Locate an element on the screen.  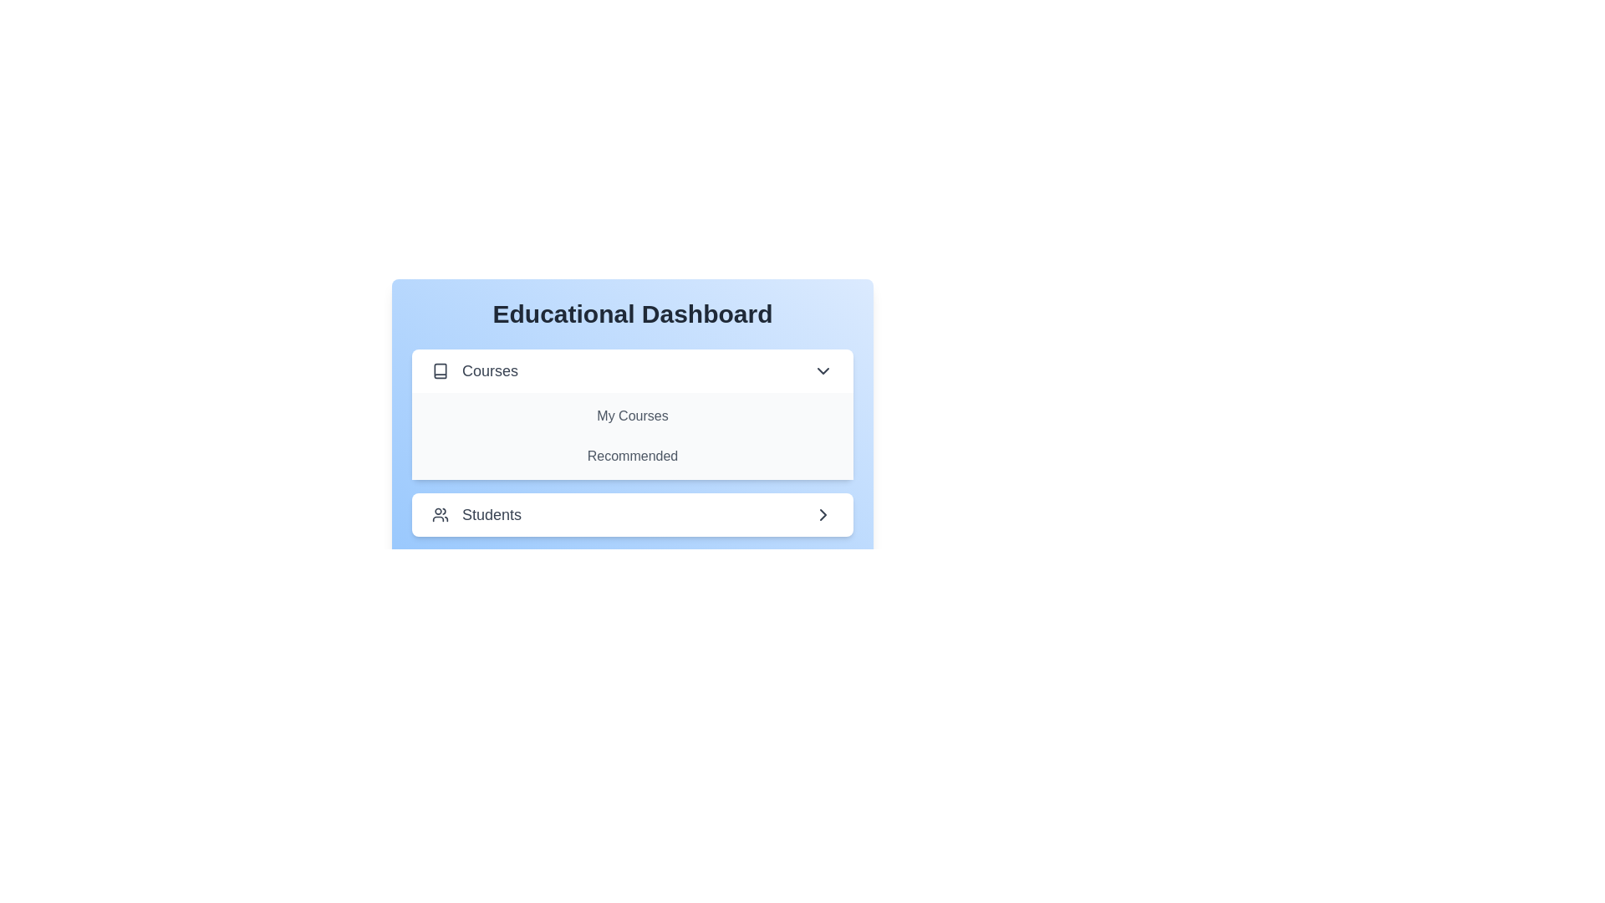
the icon corresponding to the section Courses to toggle its visibility is located at coordinates (441, 370).